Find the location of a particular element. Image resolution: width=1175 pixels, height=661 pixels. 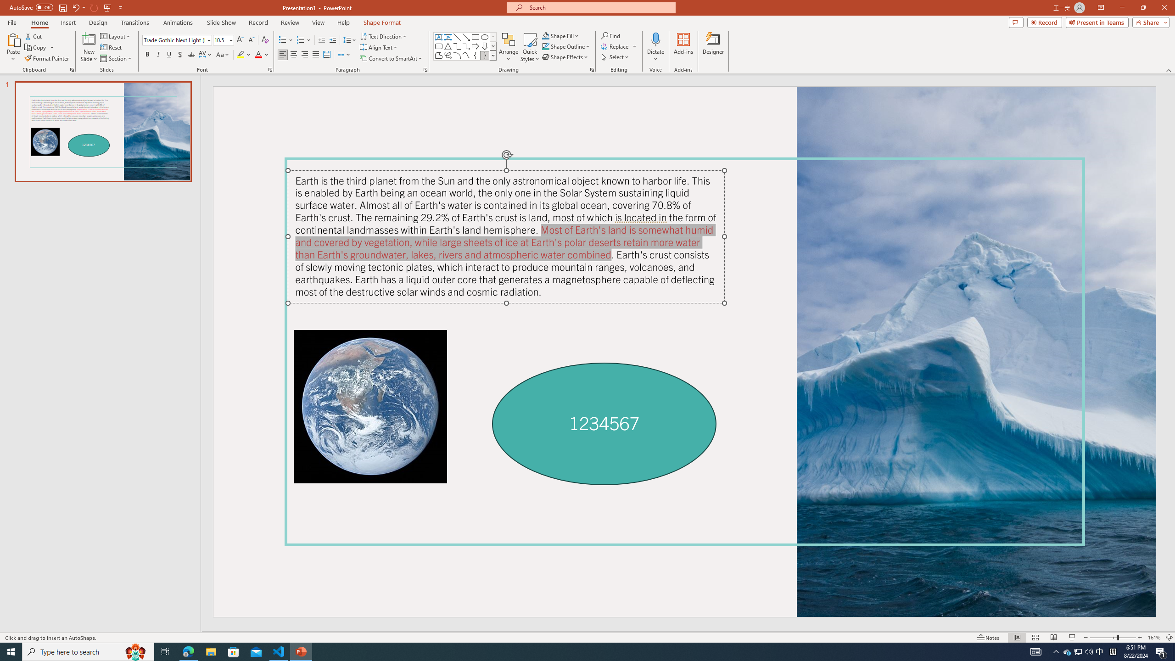

'Shape Outline Teal, Accent 1' is located at coordinates (546, 45).